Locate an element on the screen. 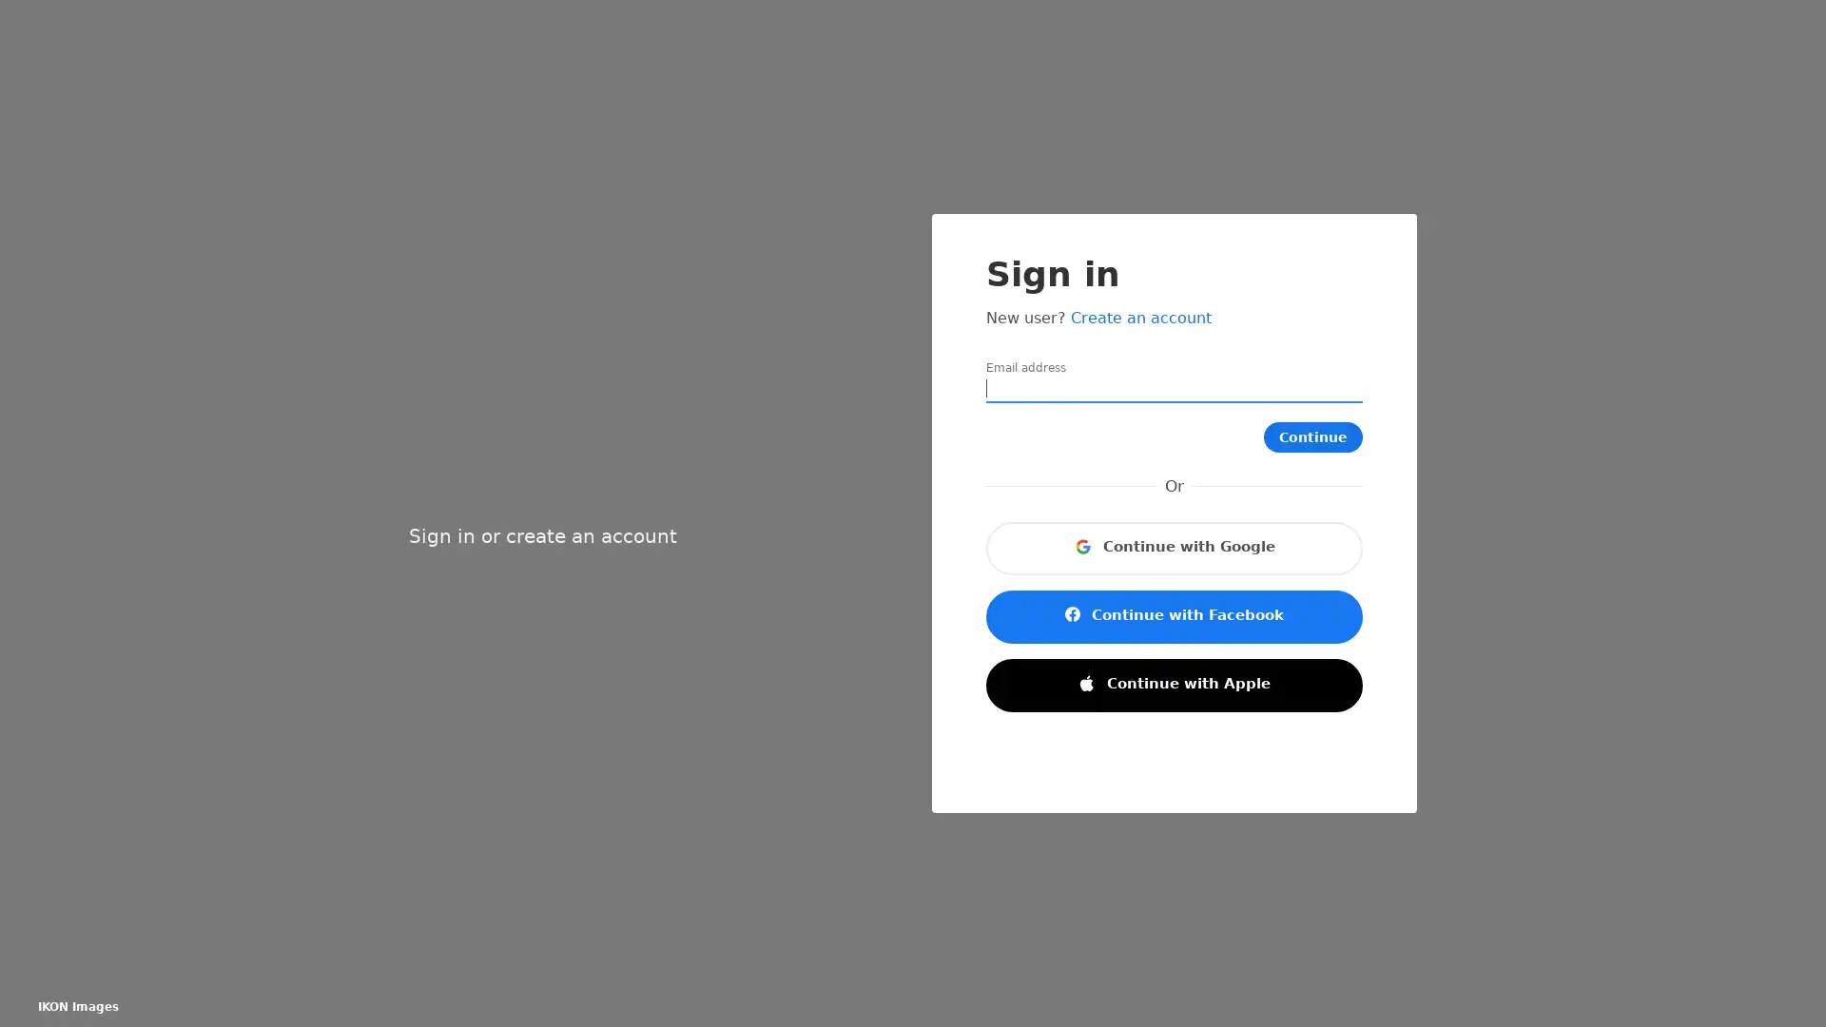 Image resolution: width=1826 pixels, height=1027 pixels. Continue with Apple is located at coordinates (1173, 686).